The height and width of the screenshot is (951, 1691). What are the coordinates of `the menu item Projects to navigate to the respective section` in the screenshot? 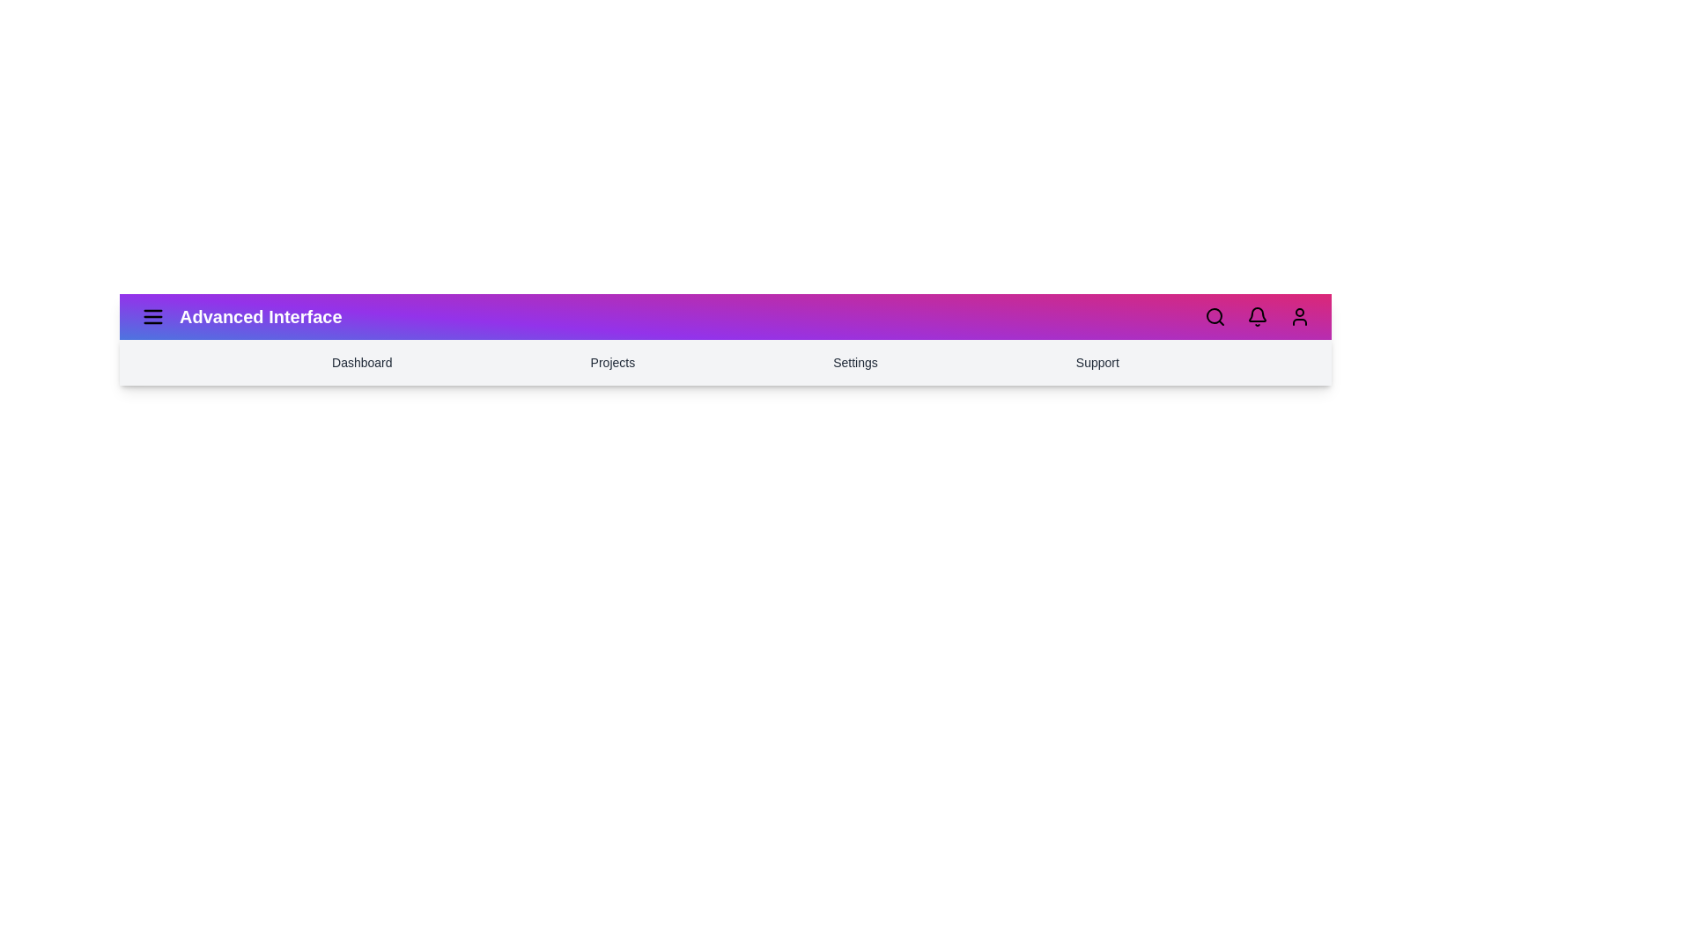 It's located at (612, 362).